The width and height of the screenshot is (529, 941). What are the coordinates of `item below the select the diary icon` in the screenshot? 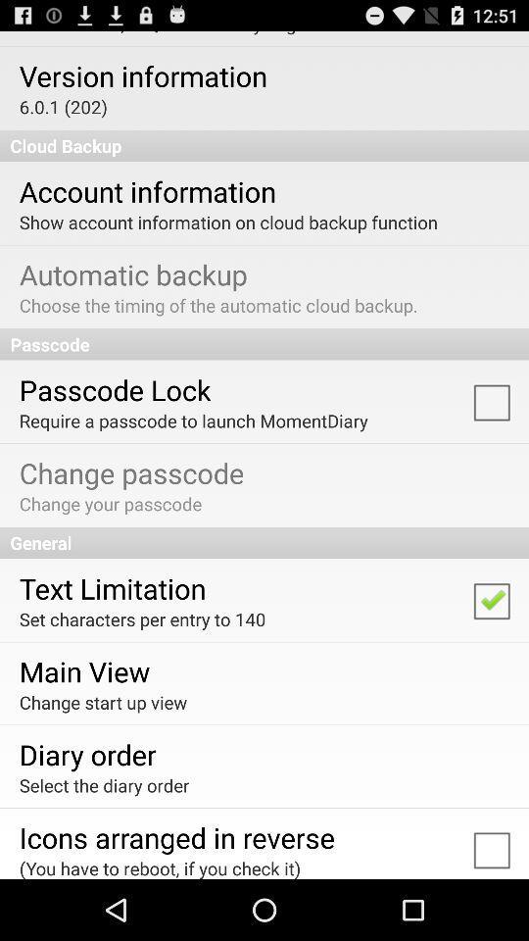 It's located at (176, 836).